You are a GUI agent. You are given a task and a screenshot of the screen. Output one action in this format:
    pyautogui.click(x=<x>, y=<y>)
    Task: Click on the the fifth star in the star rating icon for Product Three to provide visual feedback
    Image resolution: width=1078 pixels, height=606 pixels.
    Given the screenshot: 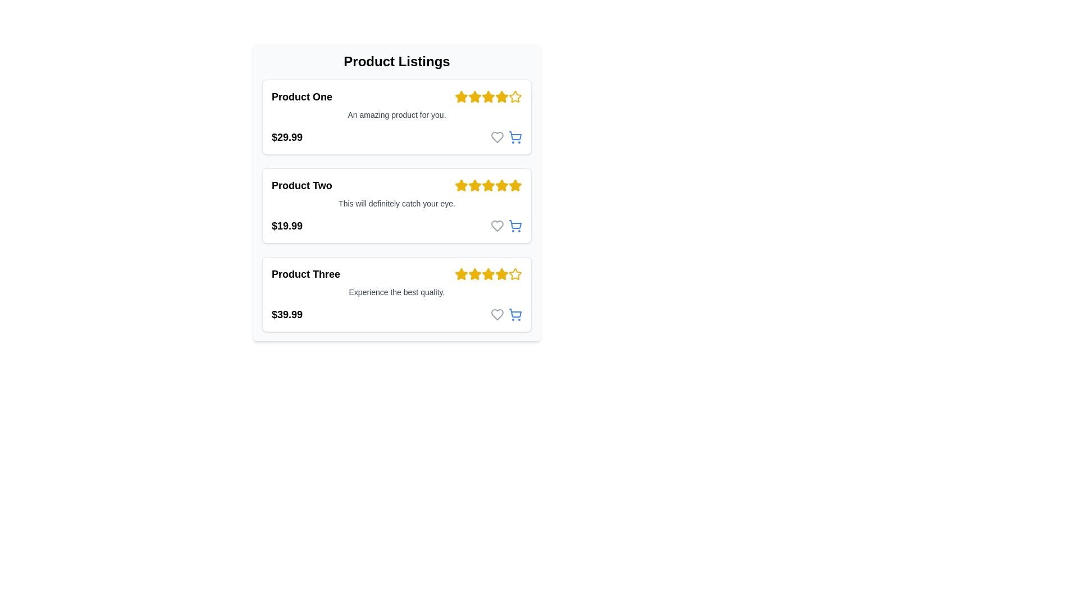 What is the action you would take?
    pyautogui.click(x=488, y=274)
    